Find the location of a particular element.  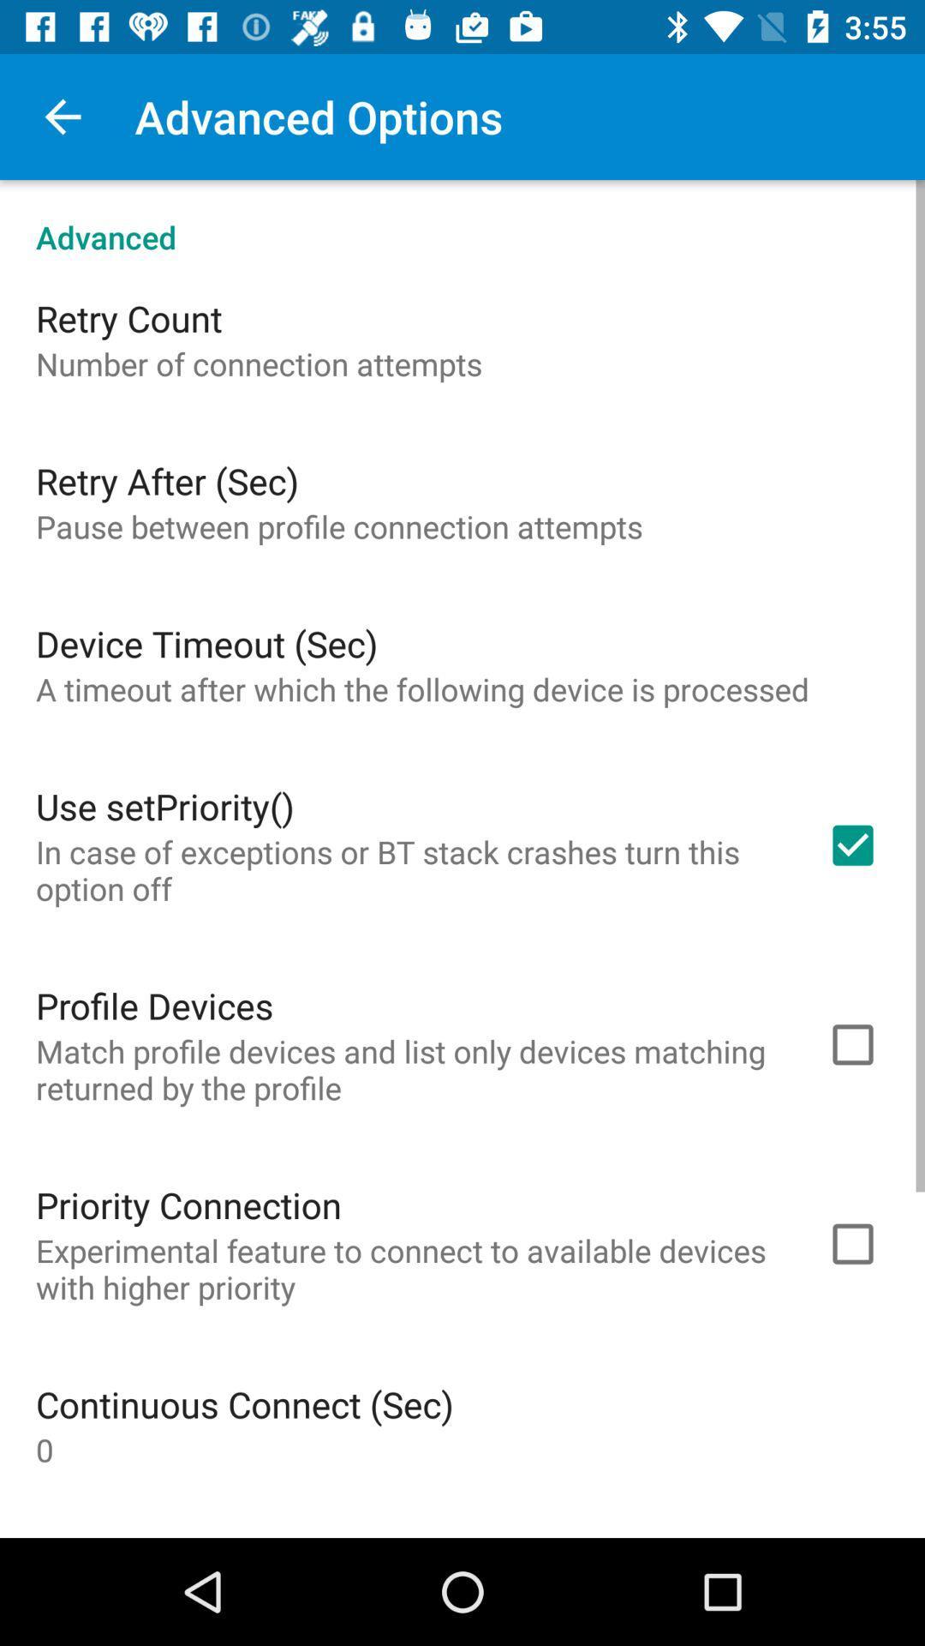

item below the experimental feature to item is located at coordinates (244, 1403).